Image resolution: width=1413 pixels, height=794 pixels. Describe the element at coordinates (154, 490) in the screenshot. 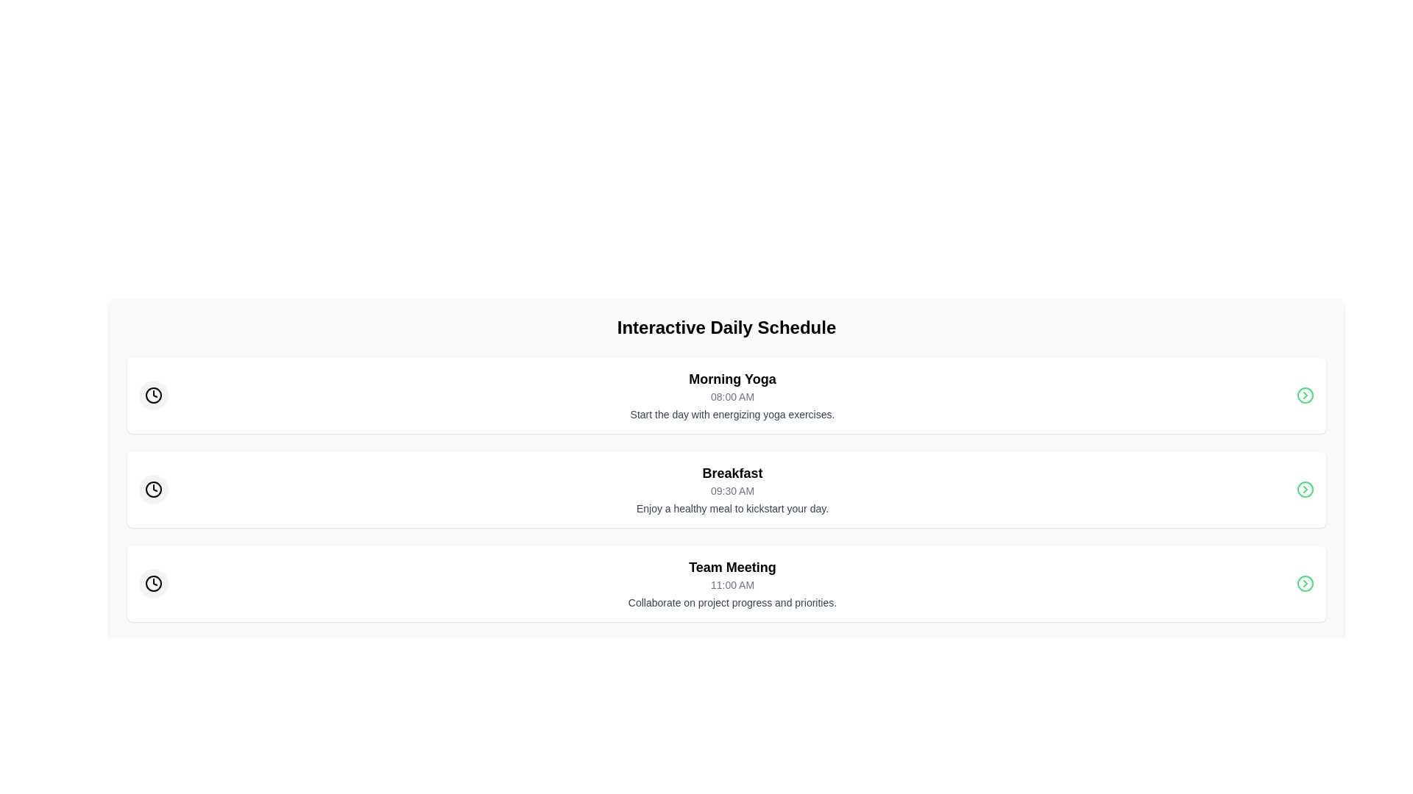

I see `the circular gray icon with a black clock symbol located to the left of the text '09:30 AM' in the Breakfast schedule section` at that location.